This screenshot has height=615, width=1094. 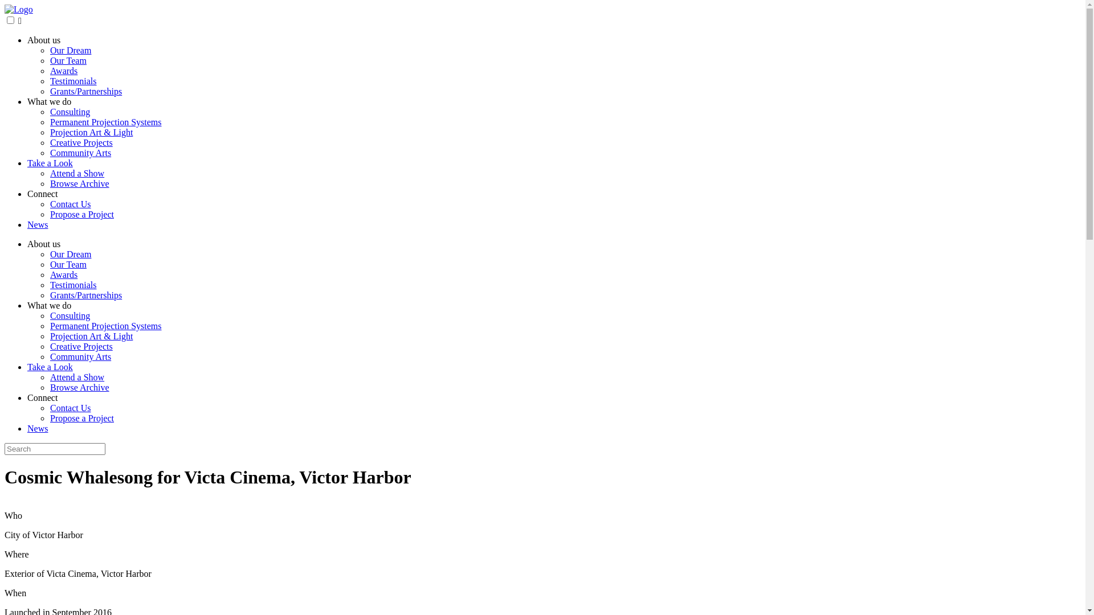 I want to click on 'Connect', so click(x=27, y=193).